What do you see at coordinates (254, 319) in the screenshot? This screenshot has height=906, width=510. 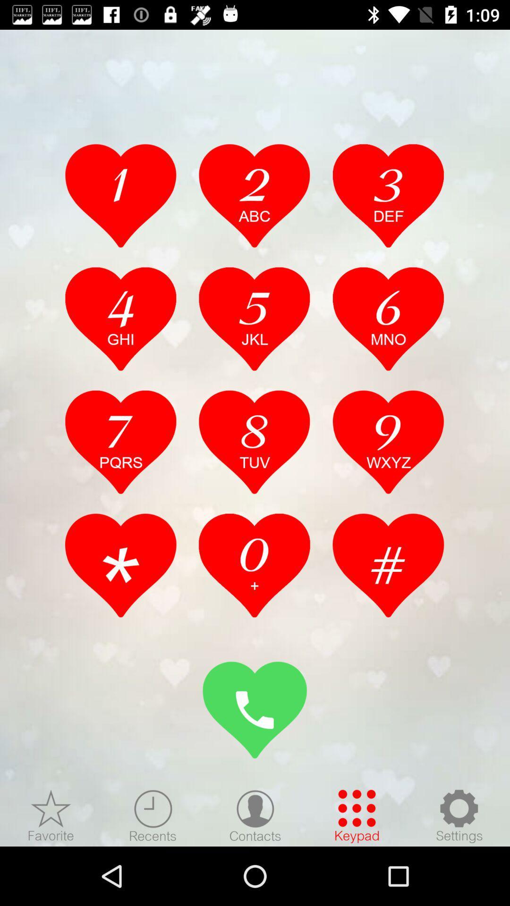 I see `5jkl` at bounding box center [254, 319].